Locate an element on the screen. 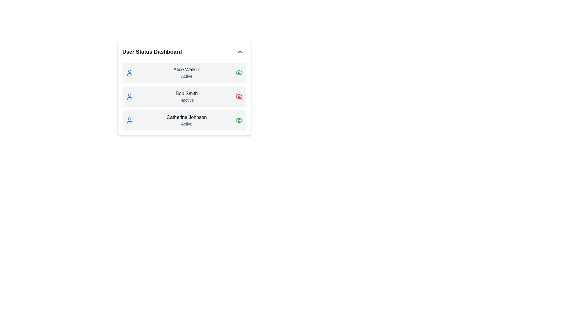 The width and height of the screenshot is (574, 322). the status indicator for user 'Bob Smith', which indicates their status as inactive is located at coordinates (186, 96).